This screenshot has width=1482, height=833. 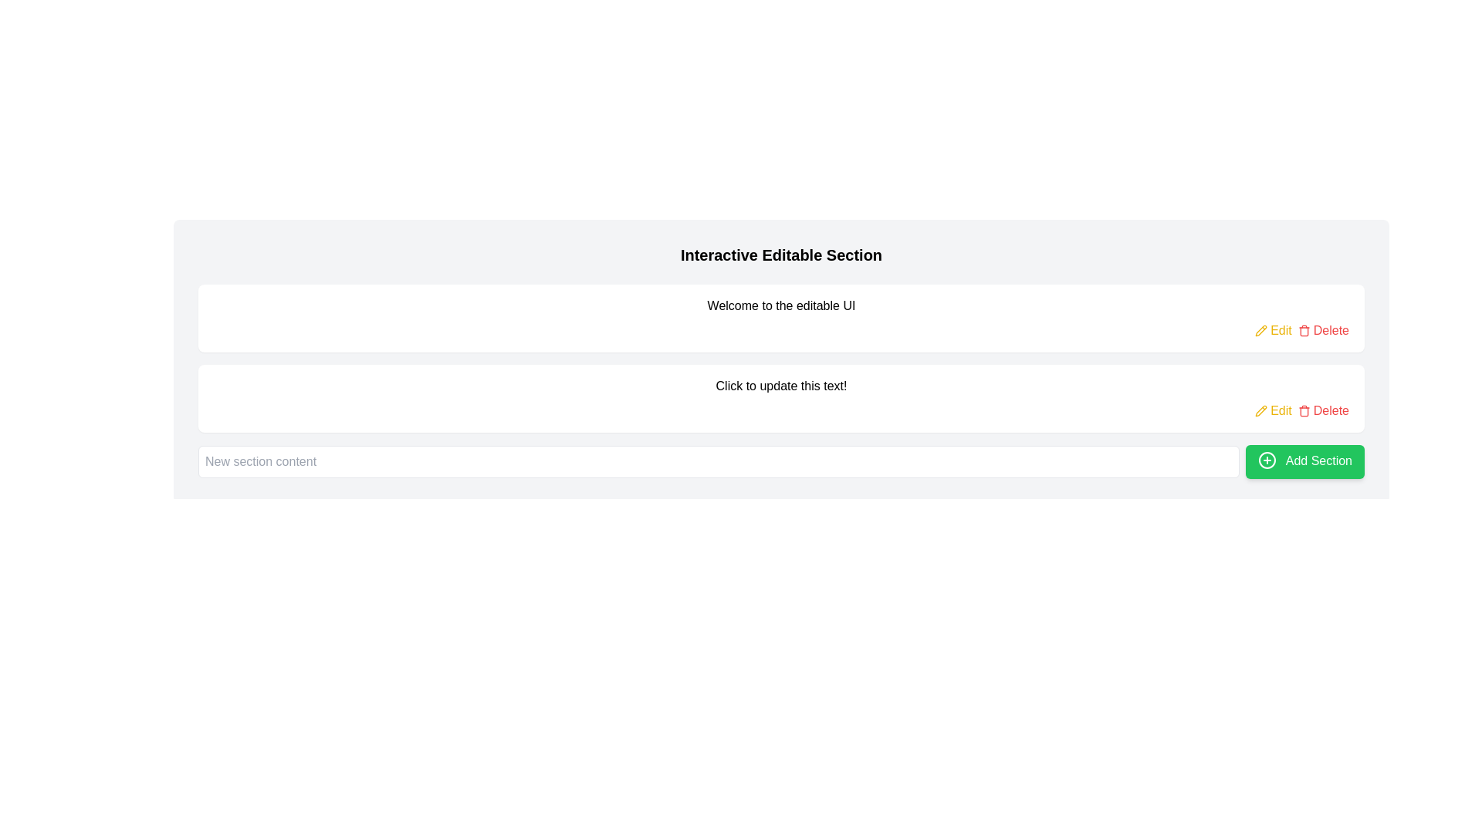 What do you see at coordinates (1304, 460) in the screenshot?
I see `the green rectangular button labeled 'Add Section' located at the far-right end of the input field` at bounding box center [1304, 460].